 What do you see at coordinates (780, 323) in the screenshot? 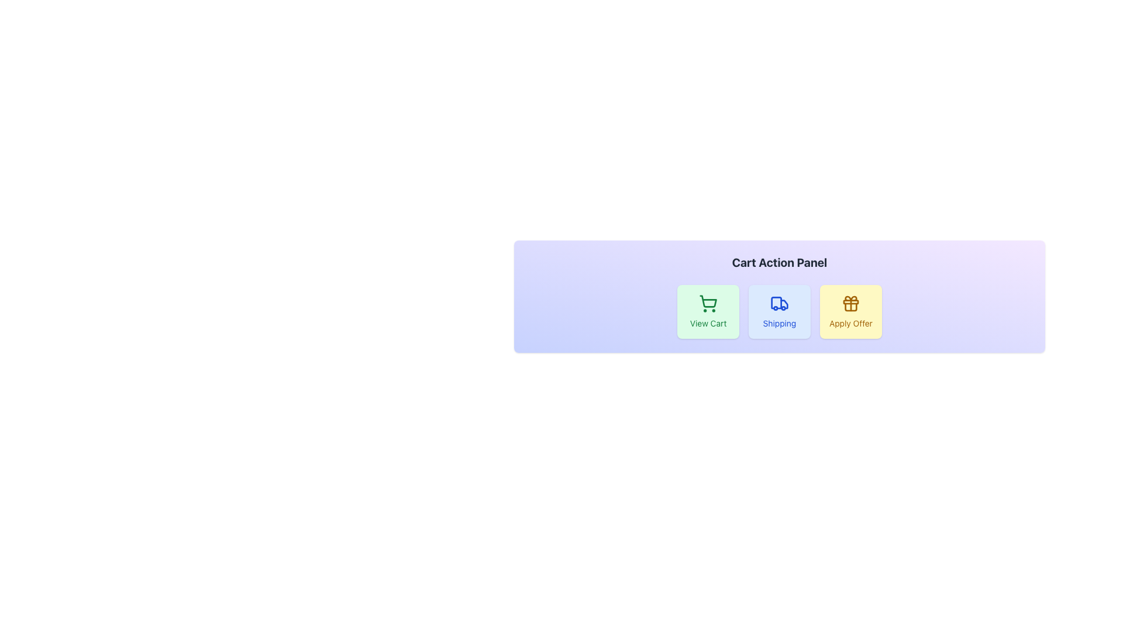
I see `the 'Shipping' text label located at the bottom of the second button from the left in a row of three buttons, which is identified by the truck icon above it` at bounding box center [780, 323].